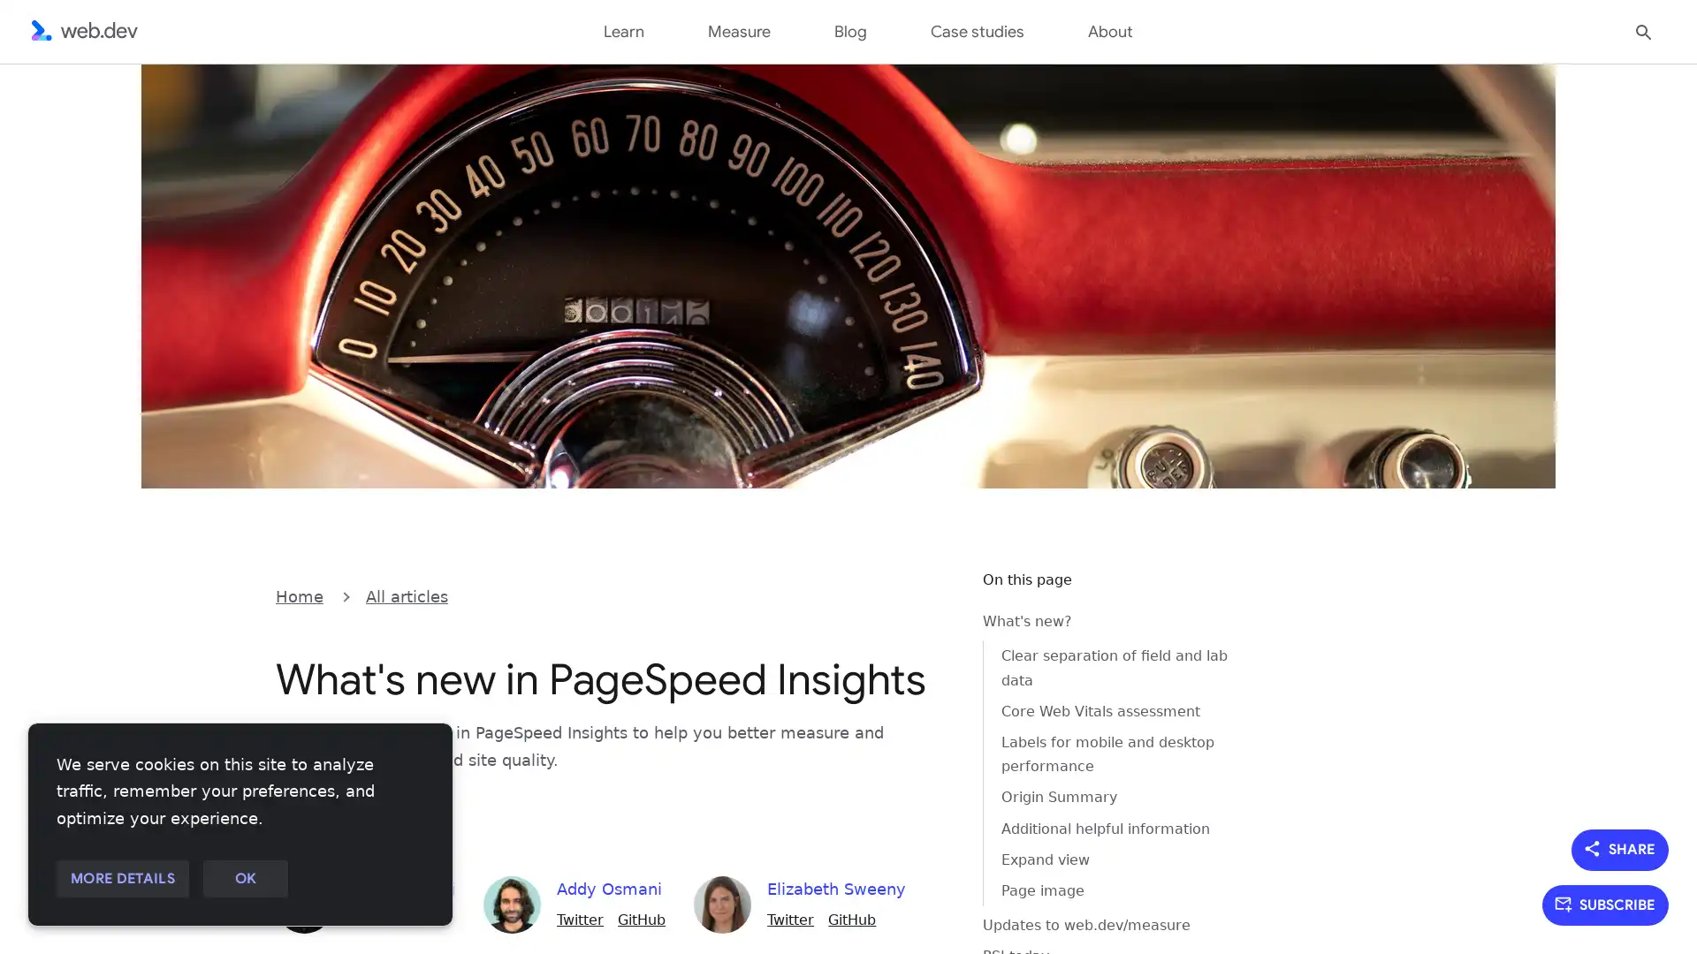 The image size is (1697, 954). Describe the element at coordinates (1643, 30) in the screenshot. I see `Open search` at that location.